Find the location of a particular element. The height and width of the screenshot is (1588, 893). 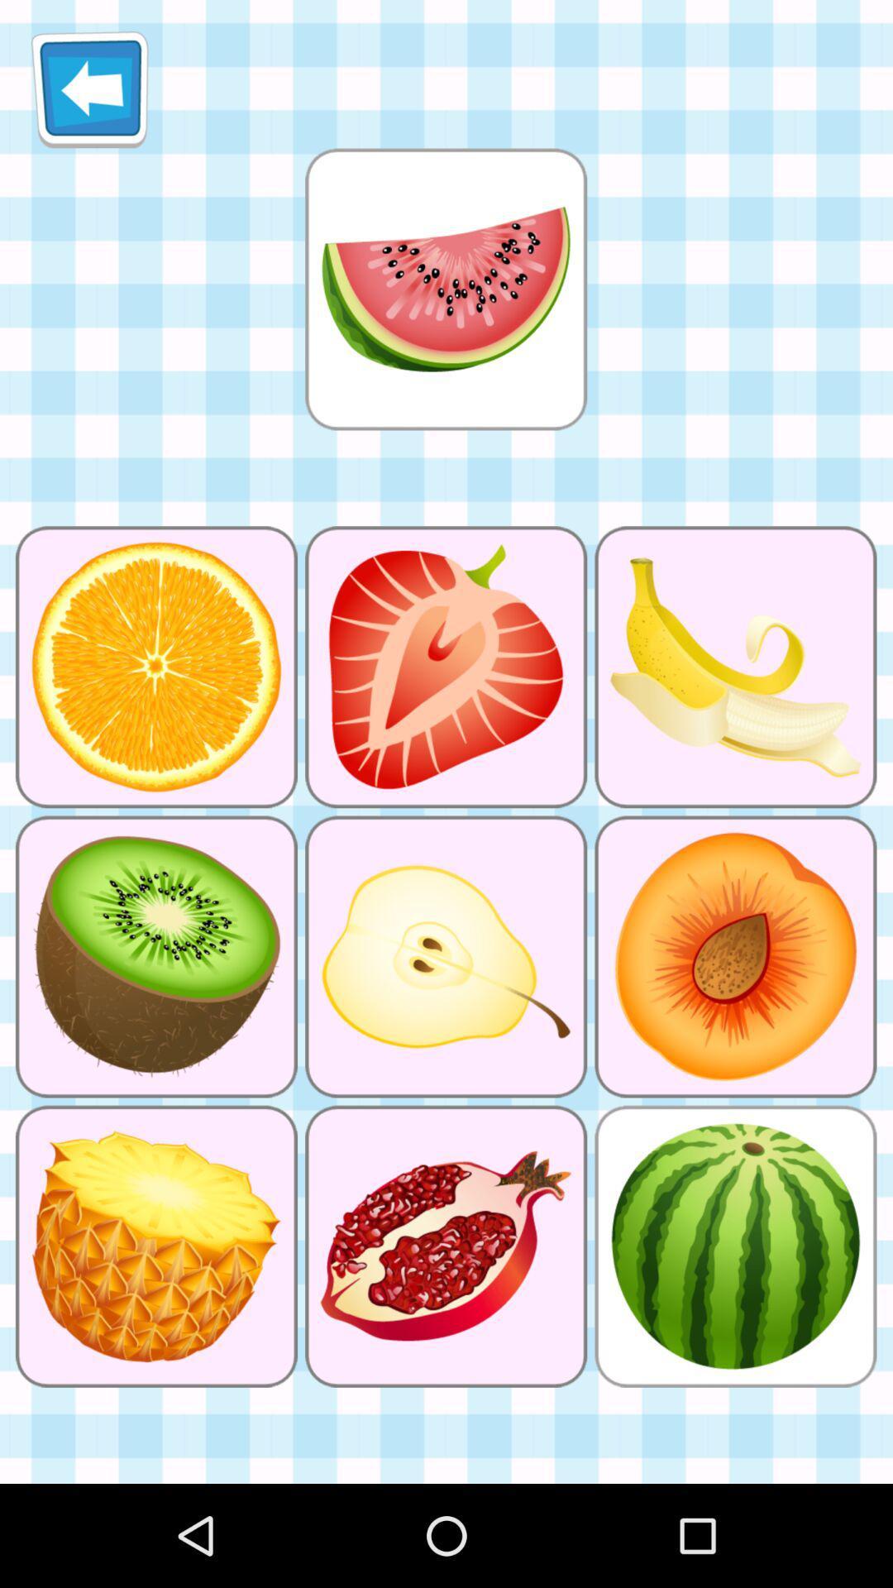

the arrow_backward icon is located at coordinates (89, 95).